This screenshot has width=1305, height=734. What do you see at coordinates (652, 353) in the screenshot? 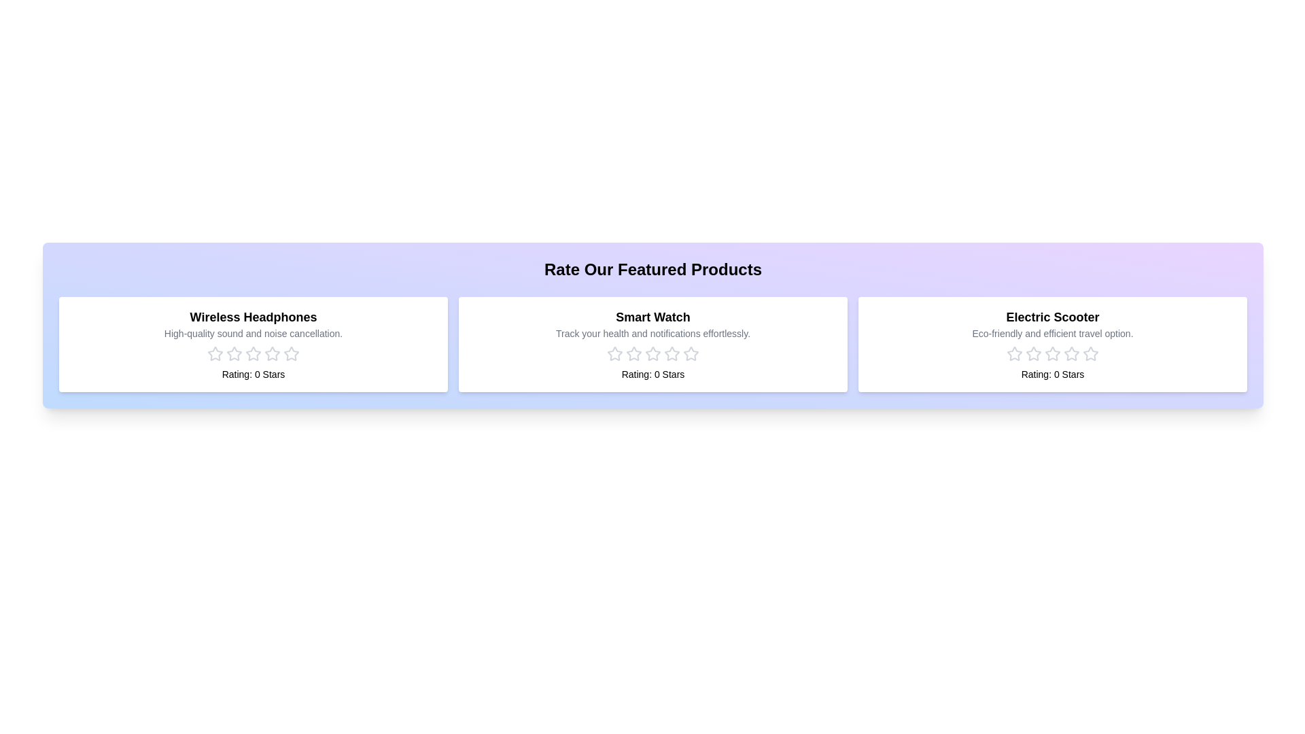
I see `the rating for the product 'Smart Watch' to 3 stars by clicking on the corresponding star` at bounding box center [652, 353].